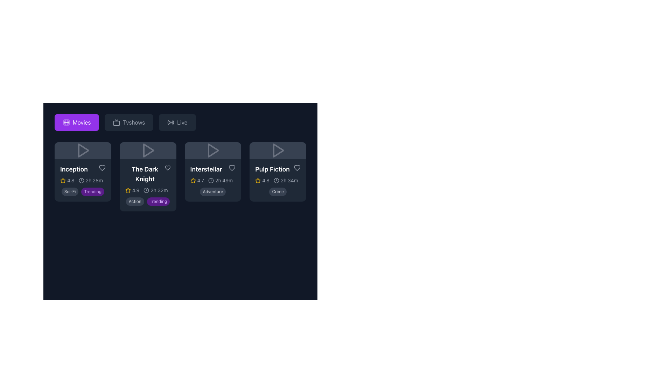  What do you see at coordinates (83, 191) in the screenshot?
I see `the non-interactive text label displaying 'Sci-Fi Trending' which is located below the 'Inception' card in the movie grid layout` at bounding box center [83, 191].